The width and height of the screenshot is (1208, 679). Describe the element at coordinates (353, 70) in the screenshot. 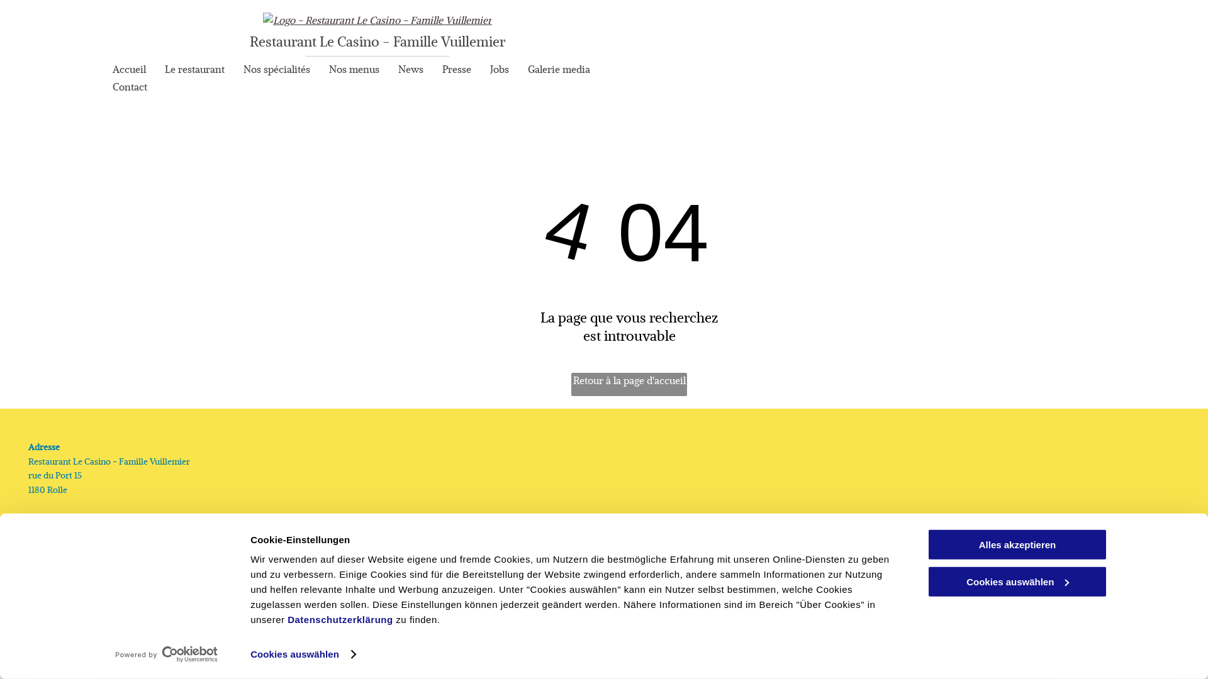

I see `'Nos menus'` at that location.